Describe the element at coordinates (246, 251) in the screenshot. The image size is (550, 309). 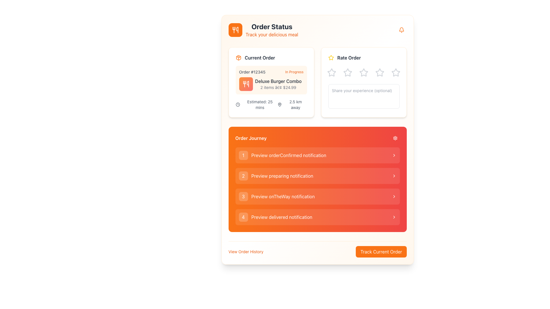
I see `the text link that redirects users to their order history to change its style` at that location.